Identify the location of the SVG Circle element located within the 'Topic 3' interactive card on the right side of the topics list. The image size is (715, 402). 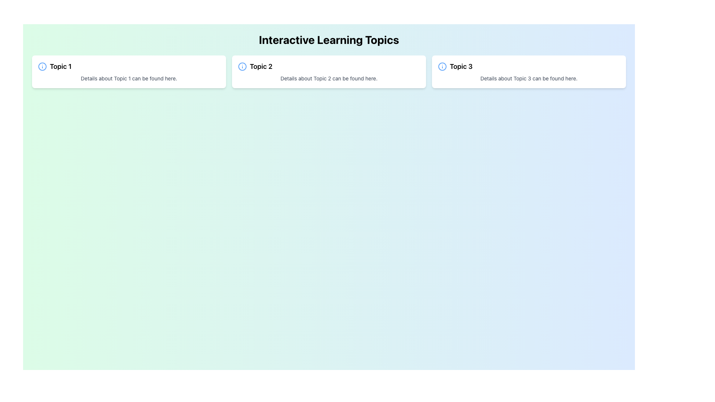
(442, 66).